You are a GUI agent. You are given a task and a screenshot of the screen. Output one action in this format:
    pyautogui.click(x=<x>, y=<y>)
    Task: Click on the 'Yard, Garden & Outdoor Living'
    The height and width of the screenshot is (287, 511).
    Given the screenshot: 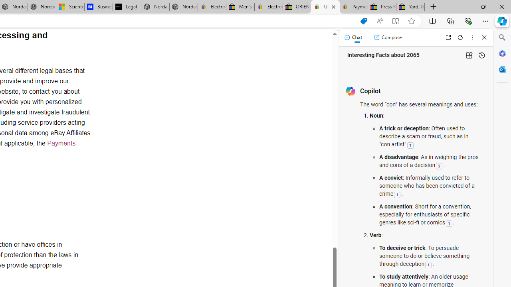 What is the action you would take?
    pyautogui.click(x=410, y=7)
    